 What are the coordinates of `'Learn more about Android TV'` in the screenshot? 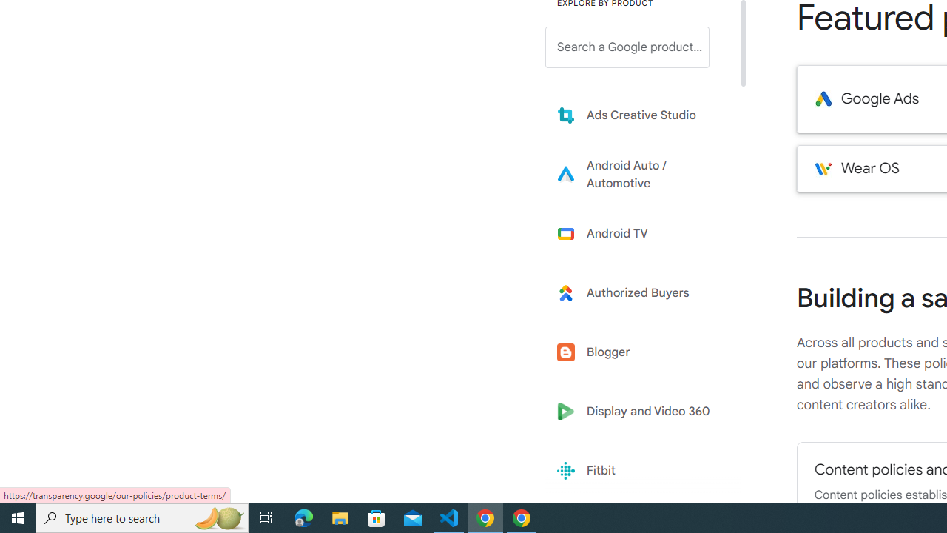 It's located at (638, 233).